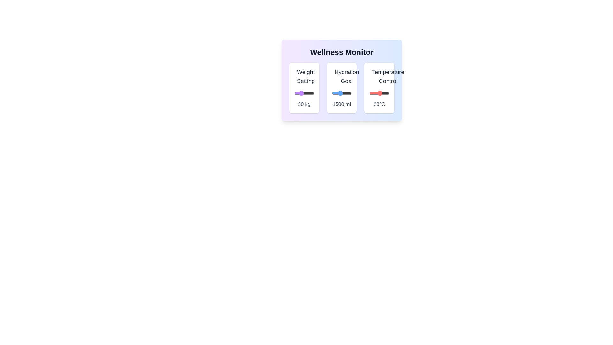 The width and height of the screenshot is (613, 345). What do you see at coordinates (305, 93) in the screenshot?
I see `weight` at bounding box center [305, 93].